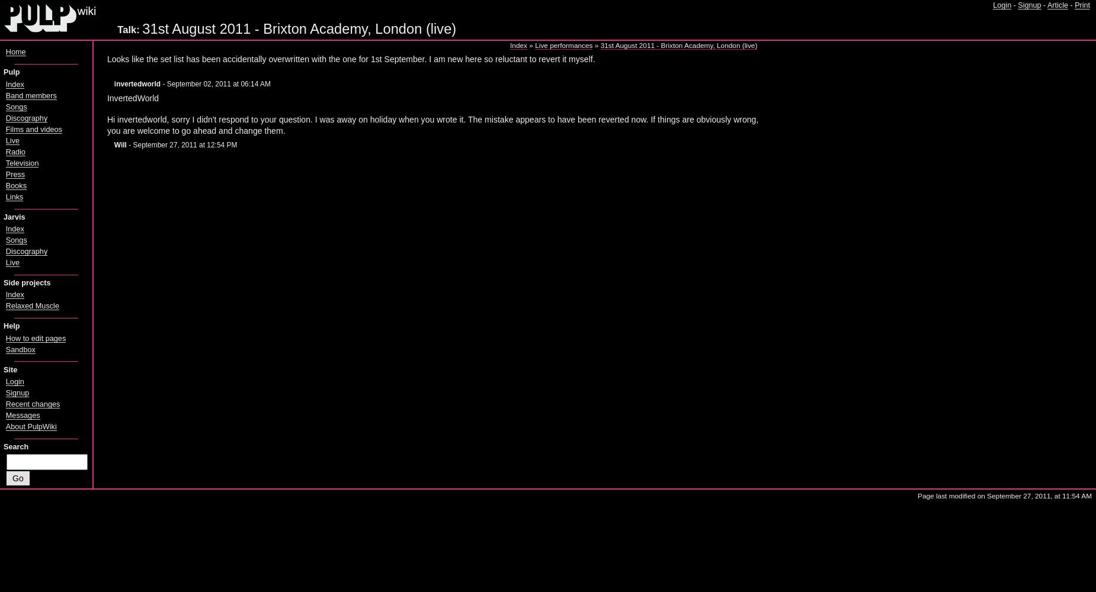  I want to click on 'Will', so click(119, 144).